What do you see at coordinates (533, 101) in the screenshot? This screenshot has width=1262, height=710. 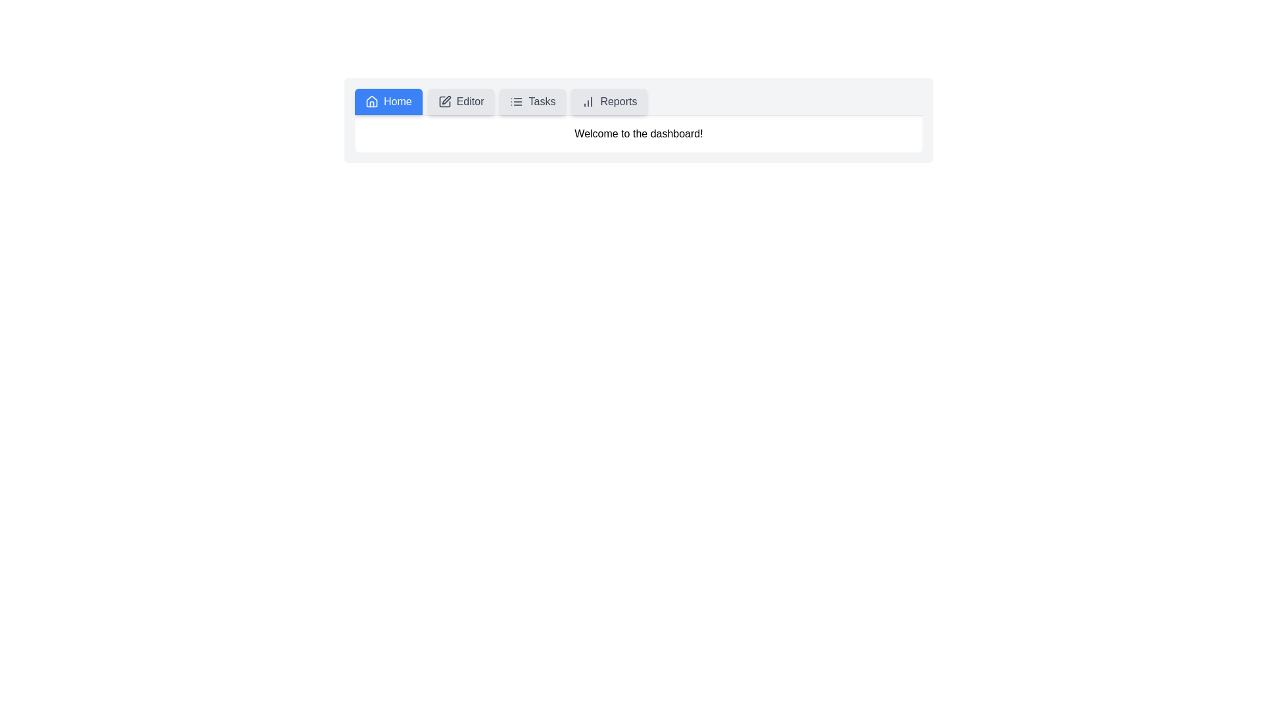 I see `the tab button corresponding to Tasks` at bounding box center [533, 101].